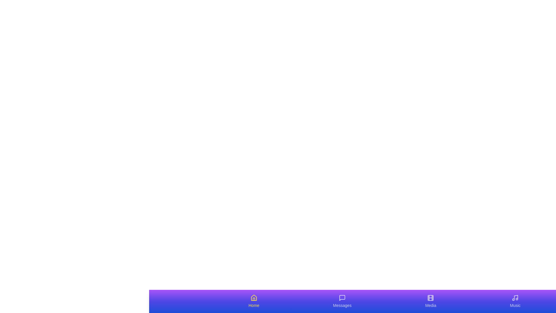 This screenshot has height=313, width=556. What do you see at coordinates (431, 301) in the screenshot?
I see `the Media tab from the bottom navigation bar` at bounding box center [431, 301].